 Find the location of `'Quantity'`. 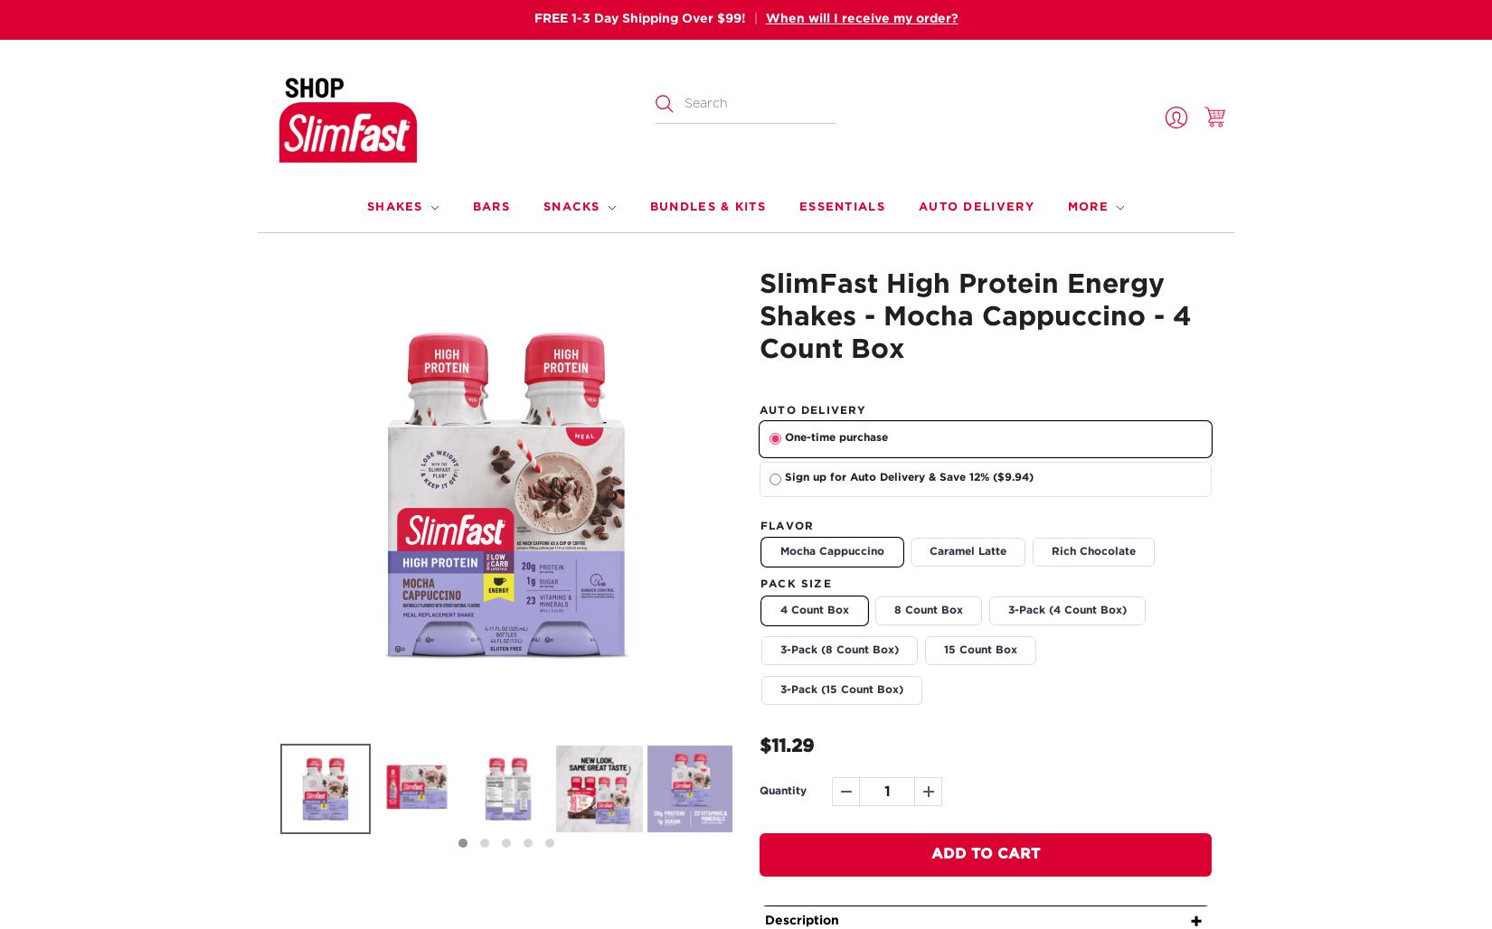

'Quantity' is located at coordinates (782, 789).